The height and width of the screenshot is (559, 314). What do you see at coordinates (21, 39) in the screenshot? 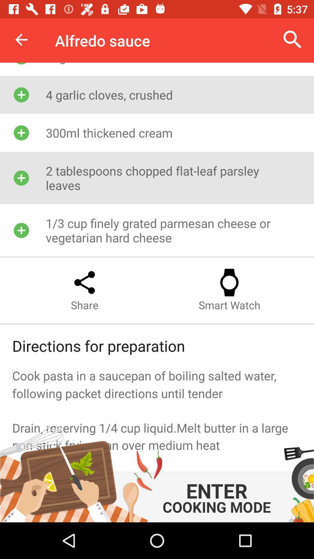
I see `the item next to alfredo sauce item` at bounding box center [21, 39].